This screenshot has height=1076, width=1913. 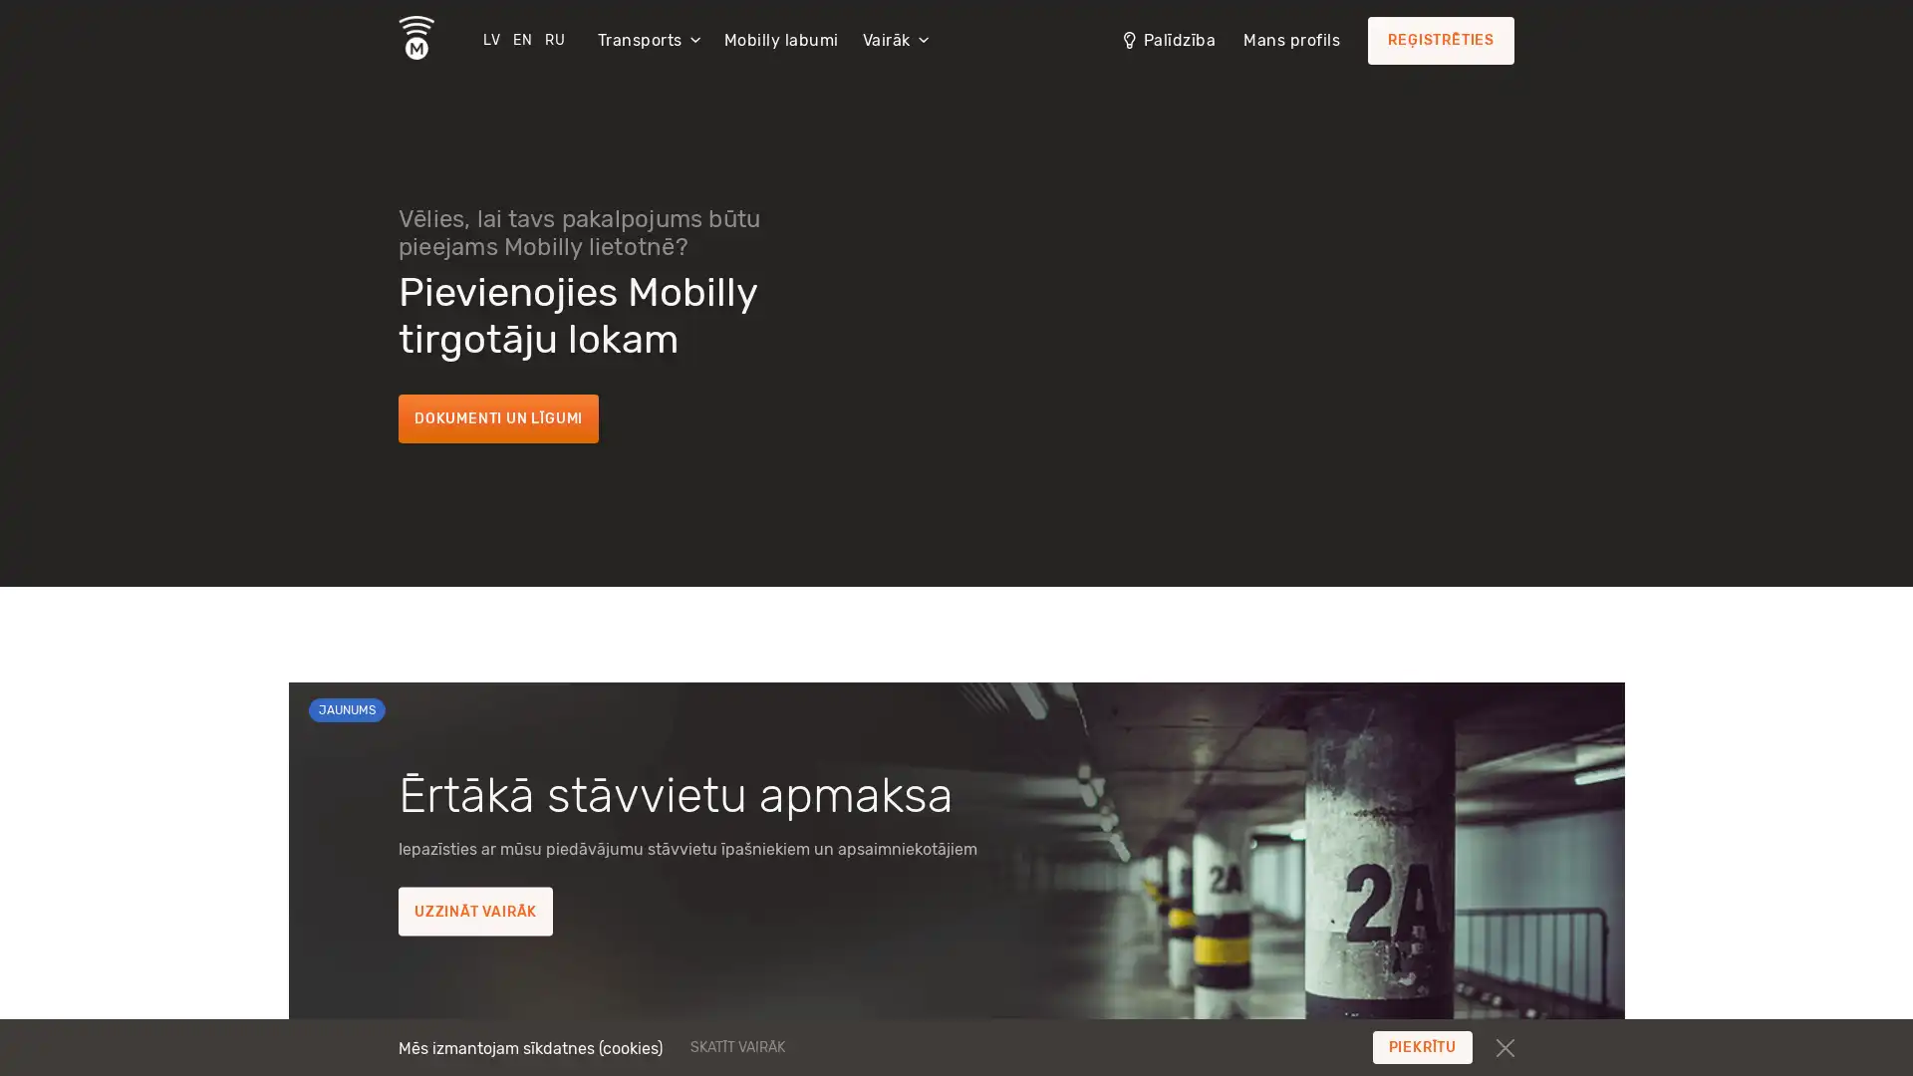 I want to click on SKATIT VAIRAK, so click(x=859, y=1045).